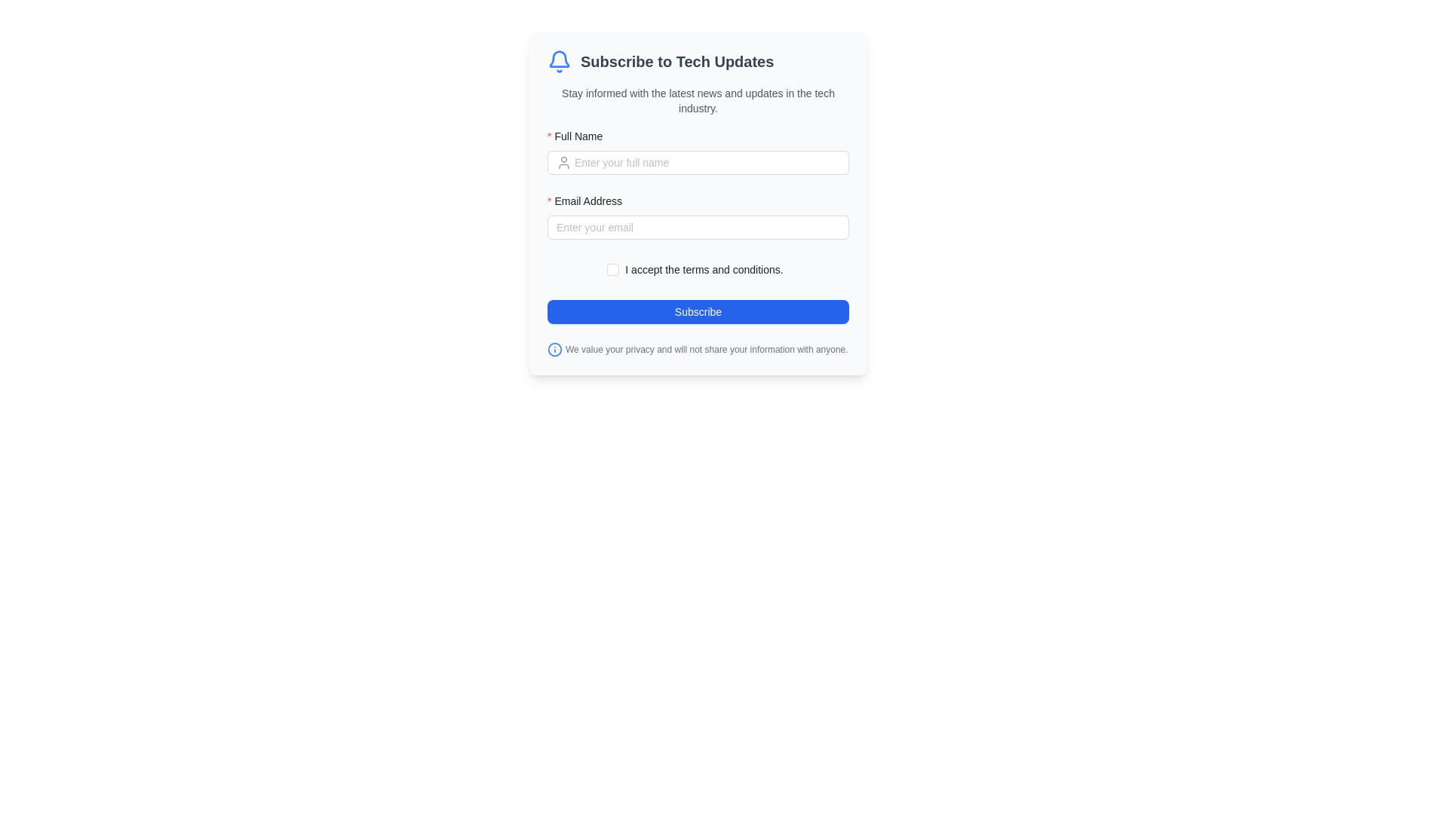 The height and width of the screenshot is (814, 1448). What do you see at coordinates (676, 60) in the screenshot?
I see `prominent text element that states 'Subscribe to Tech Updates.' It is styled in bold, extra-large gray text and located in the header of a form card, to the right of a notification bell icon` at bounding box center [676, 60].